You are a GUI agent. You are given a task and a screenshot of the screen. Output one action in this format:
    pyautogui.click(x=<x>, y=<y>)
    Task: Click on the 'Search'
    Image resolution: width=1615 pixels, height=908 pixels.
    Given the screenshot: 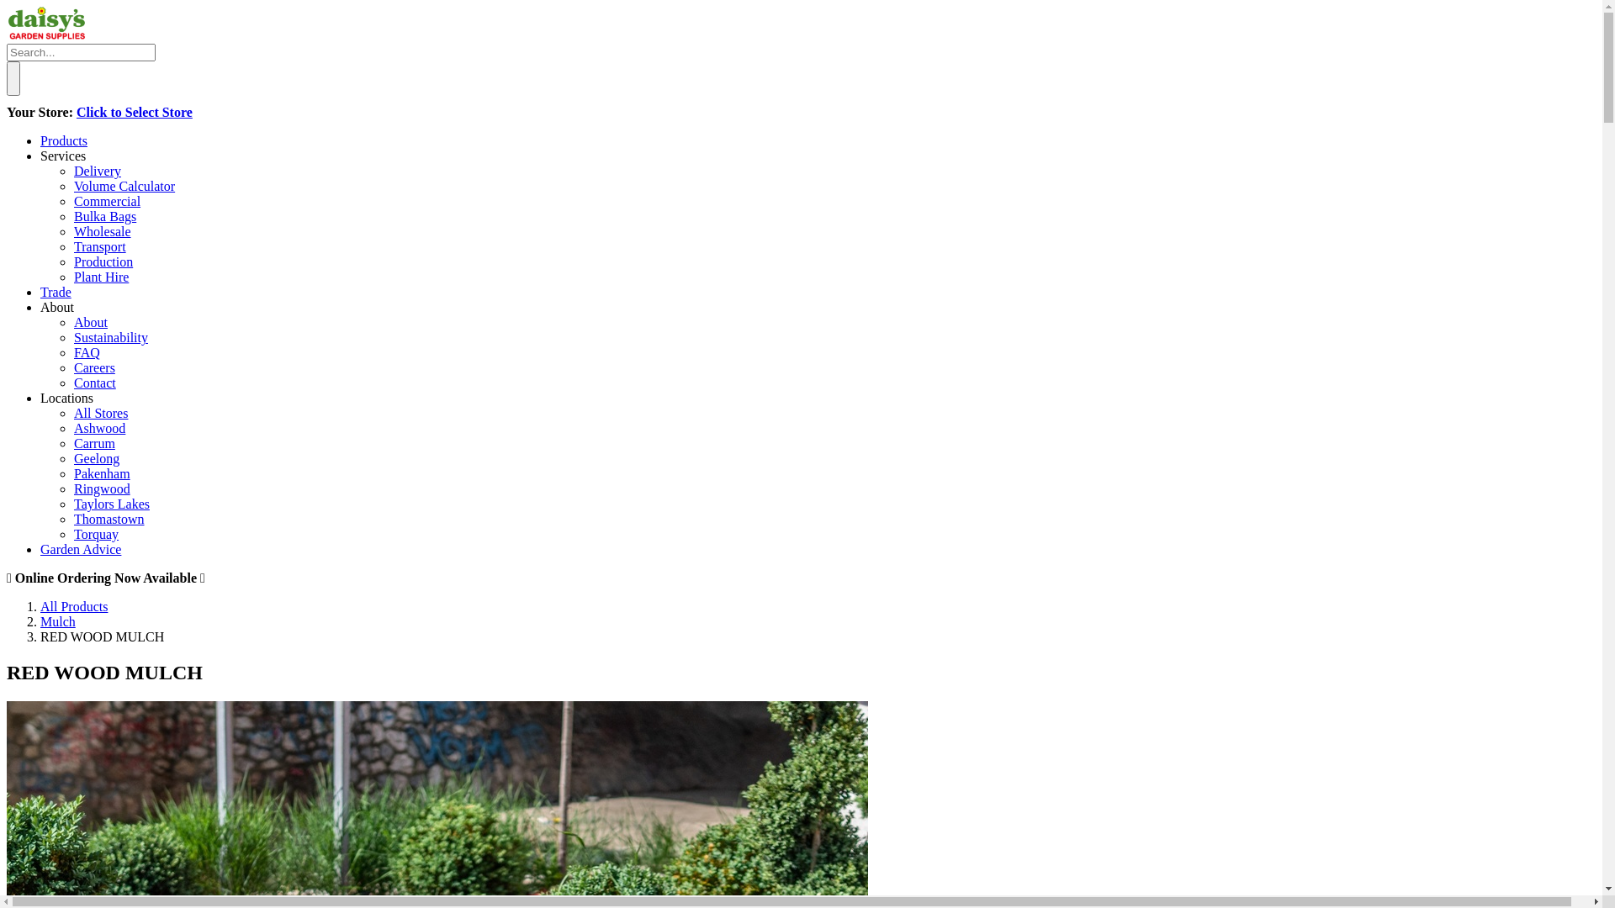 What is the action you would take?
    pyautogui.click(x=13, y=78)
    